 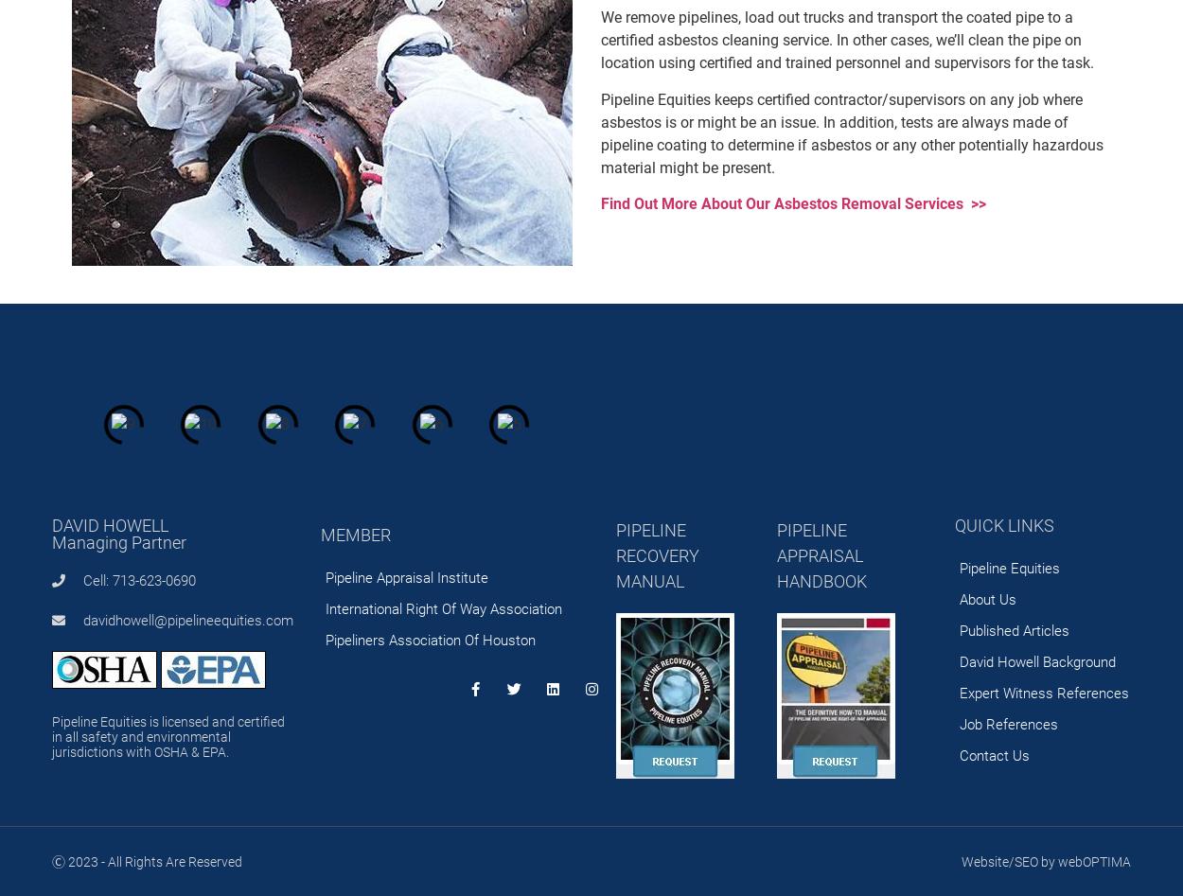 What do you see at coordinates (820, 554) in the screenshot?
I see `'PIPELINE APPRAISAL HANDBOOK'` at bounding box center [820, 554].